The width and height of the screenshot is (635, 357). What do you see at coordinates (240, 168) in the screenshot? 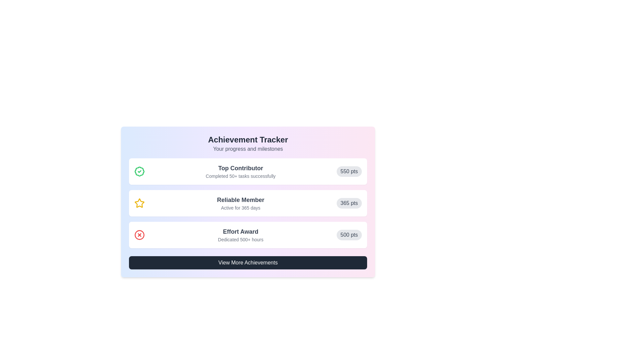
I see `text content of the heading for the first achievement entry, which is located at the top of the central section of the achievement list, directly above the description 'Completed 50+ tasks successfully'` at bounding box center [240, 168].